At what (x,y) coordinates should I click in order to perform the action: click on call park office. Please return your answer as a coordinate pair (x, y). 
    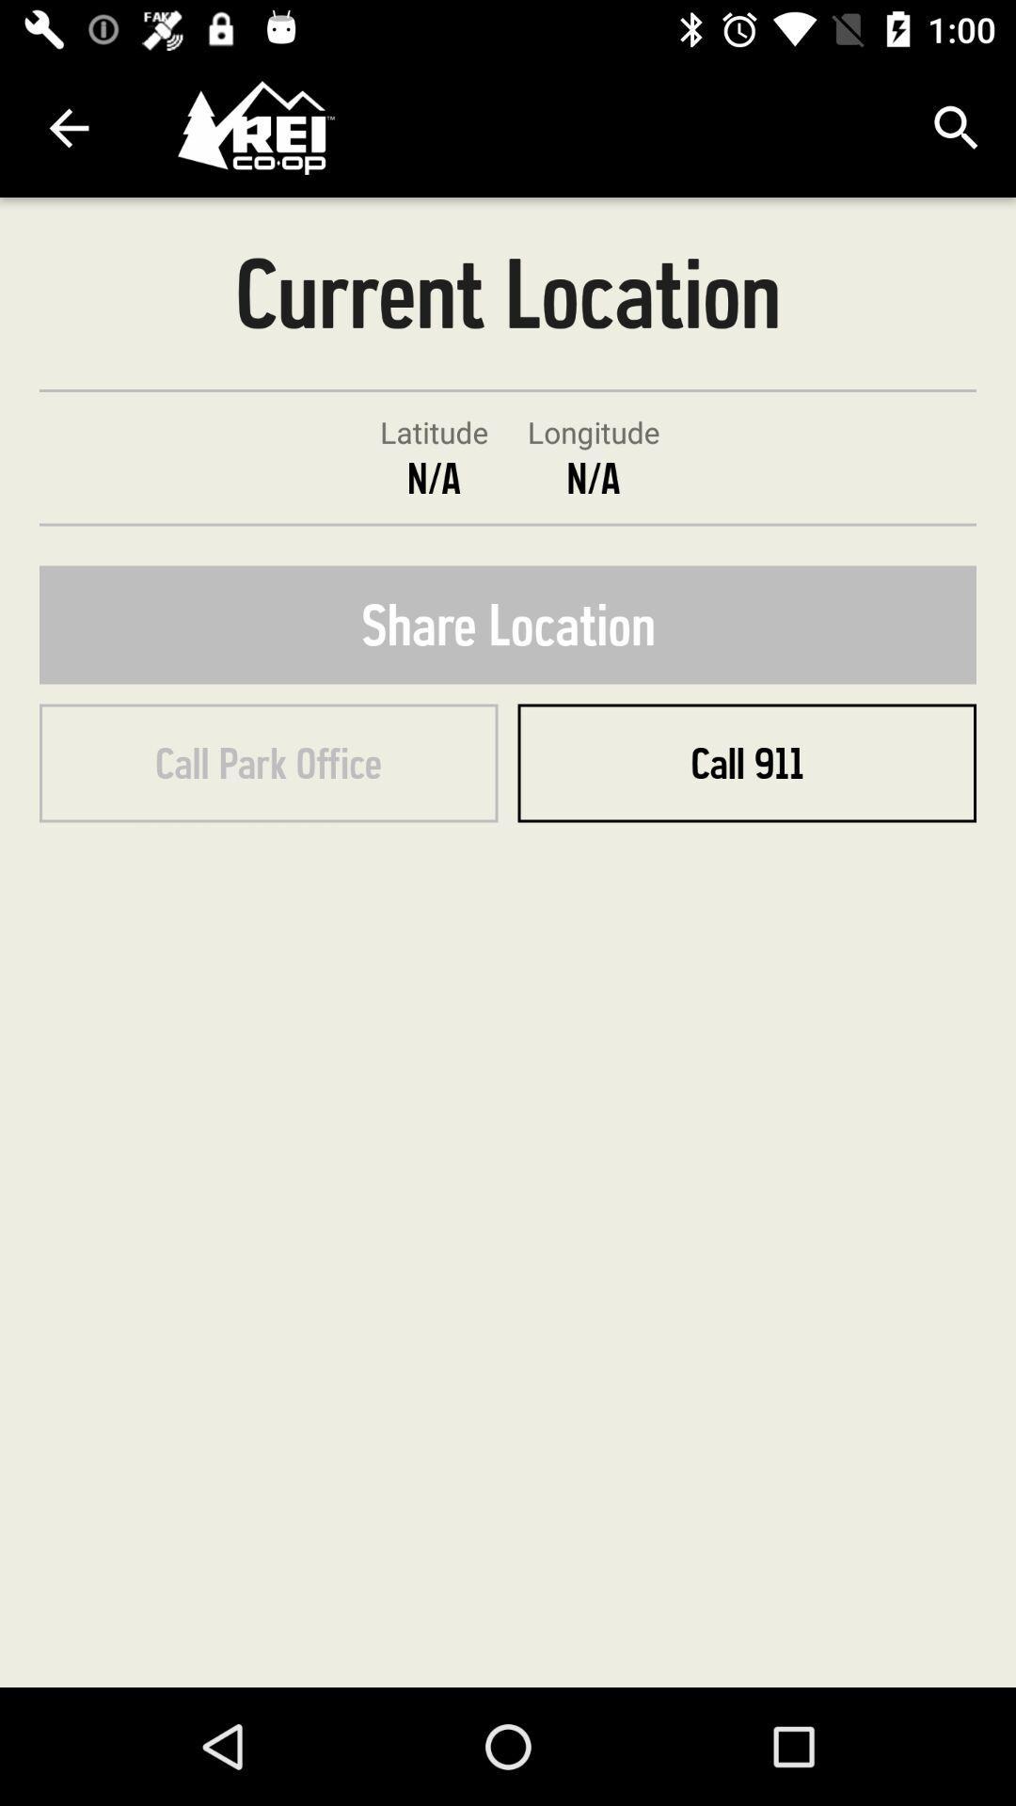
    Looking at the image, I should click on (268, 763).